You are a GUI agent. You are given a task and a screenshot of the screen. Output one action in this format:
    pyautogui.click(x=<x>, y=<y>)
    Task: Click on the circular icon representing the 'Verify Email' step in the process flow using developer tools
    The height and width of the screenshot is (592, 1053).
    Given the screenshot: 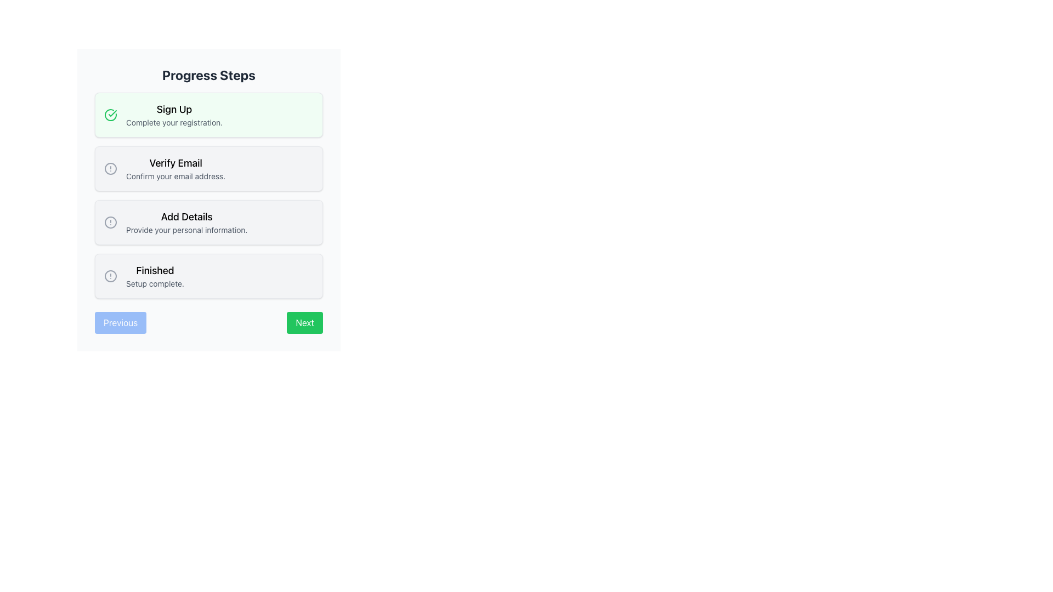 What is the action you would take?
    pyautogui.click(x=110, y=169)
    